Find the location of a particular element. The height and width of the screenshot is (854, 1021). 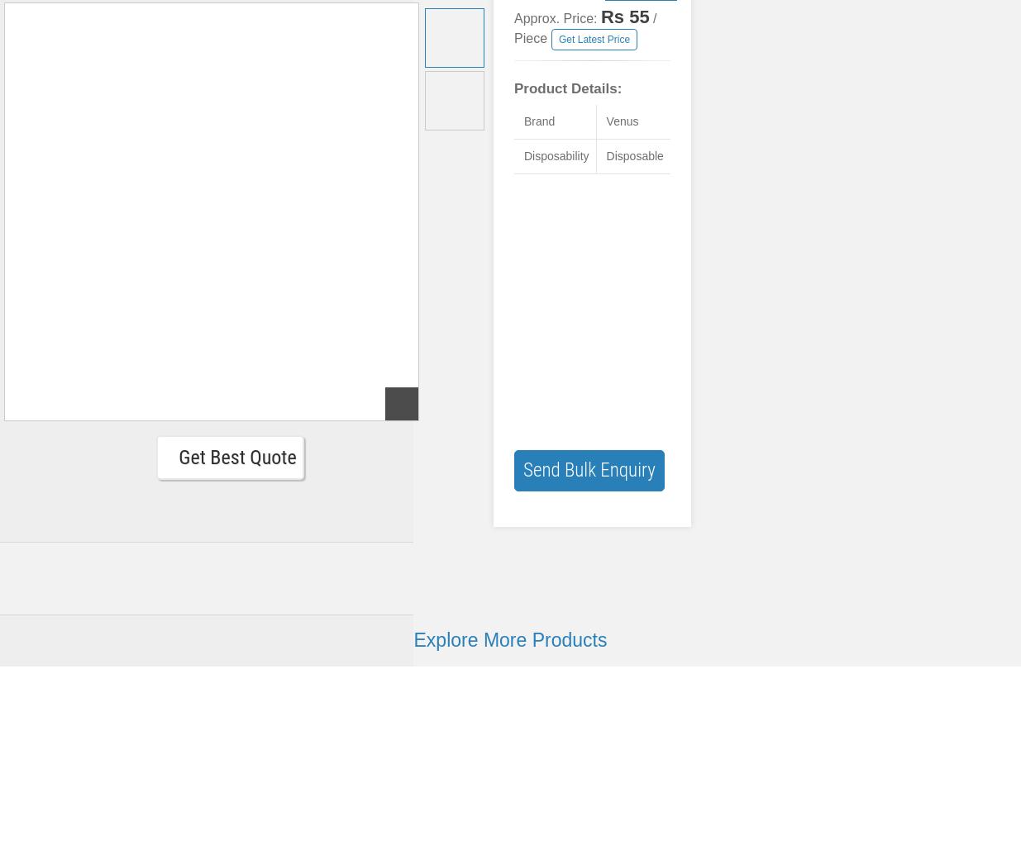

'Disposability' is located at coordinates (556, 156).